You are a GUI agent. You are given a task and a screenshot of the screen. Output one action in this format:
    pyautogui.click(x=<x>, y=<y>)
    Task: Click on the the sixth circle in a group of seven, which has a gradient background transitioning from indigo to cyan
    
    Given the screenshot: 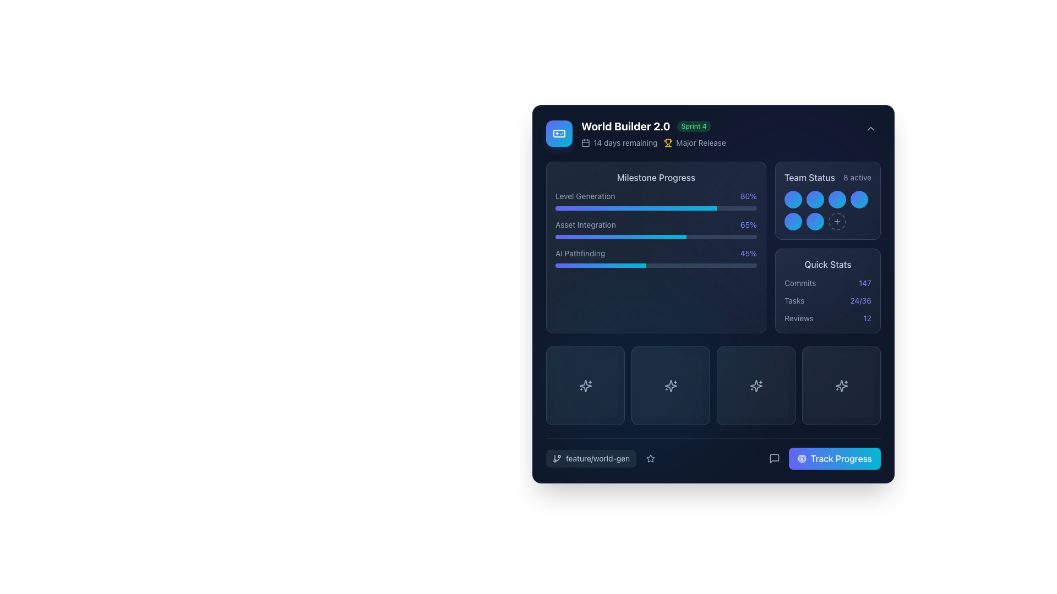 What is the action you would take?
    pyautogui.click(x=815, y=221)
    